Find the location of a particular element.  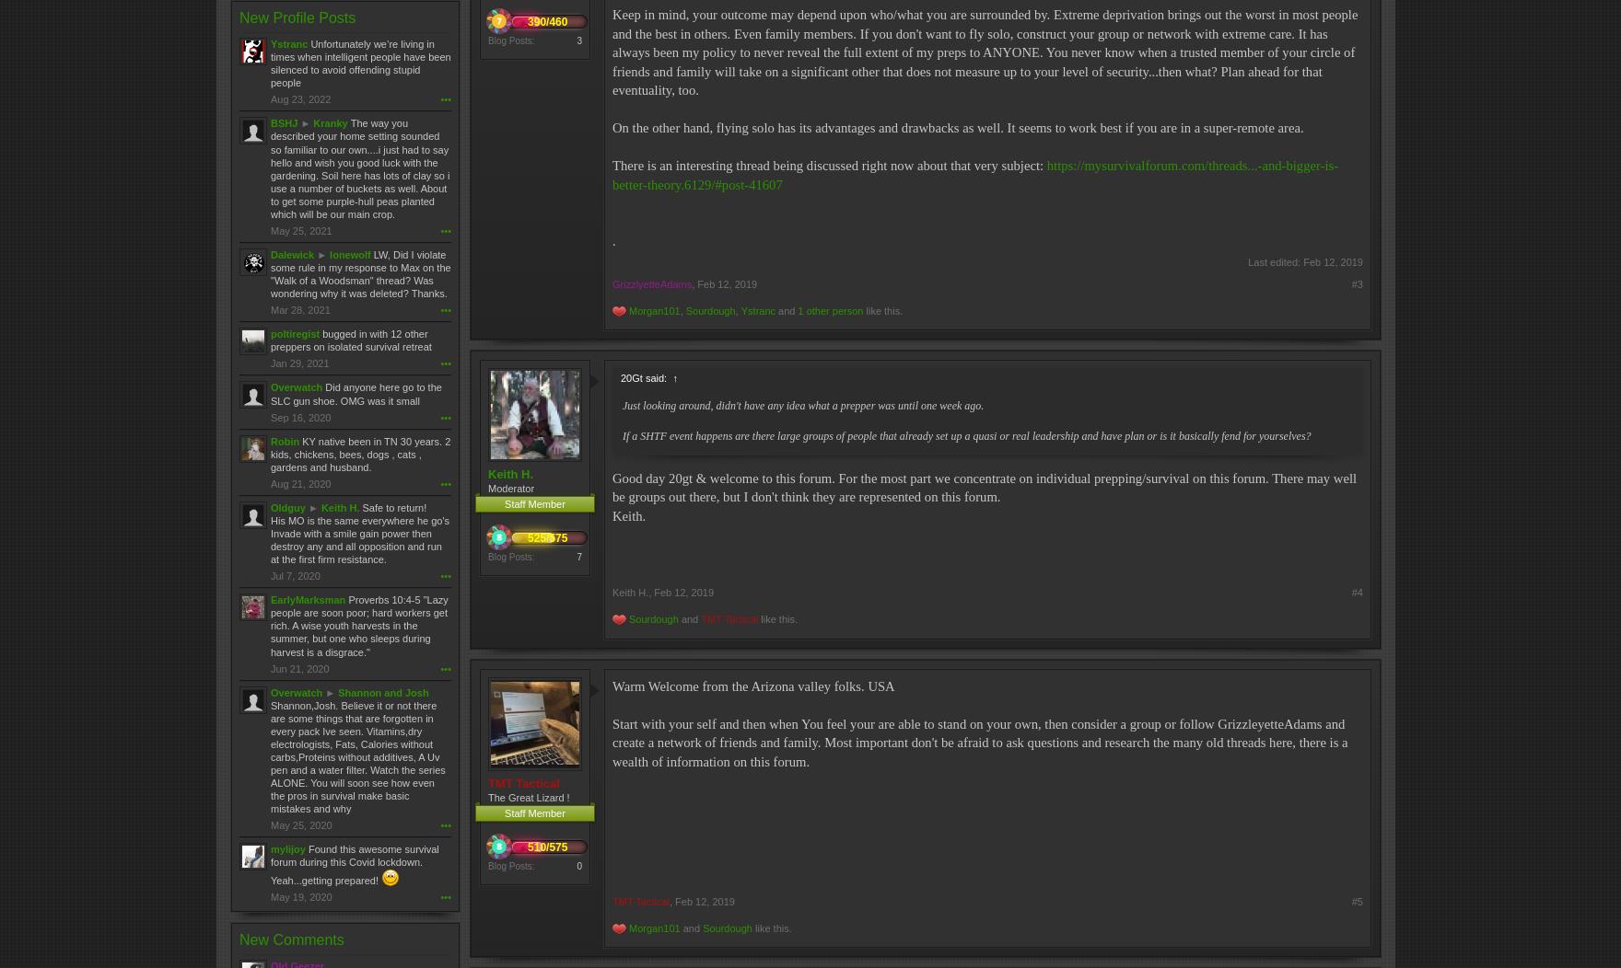

'20Gt said:' is located at coordinates (644, 377).